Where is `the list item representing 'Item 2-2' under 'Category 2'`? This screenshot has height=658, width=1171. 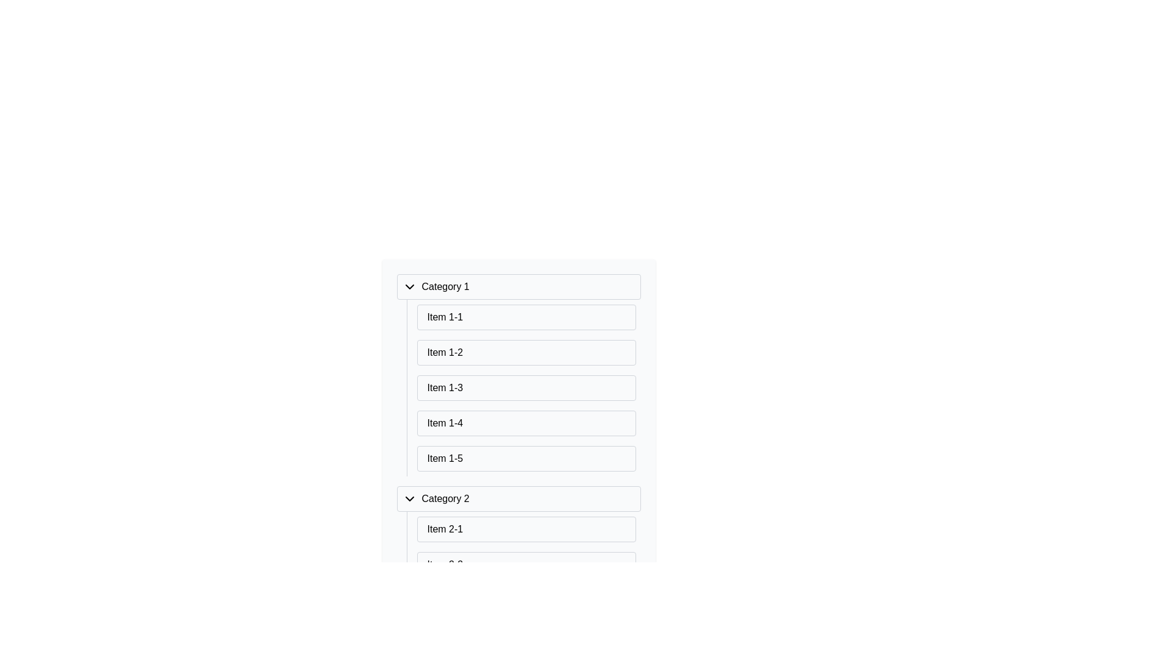
the list item representing 'Item 2-2' under 'Category 2' is located at coordinates (526, 564).